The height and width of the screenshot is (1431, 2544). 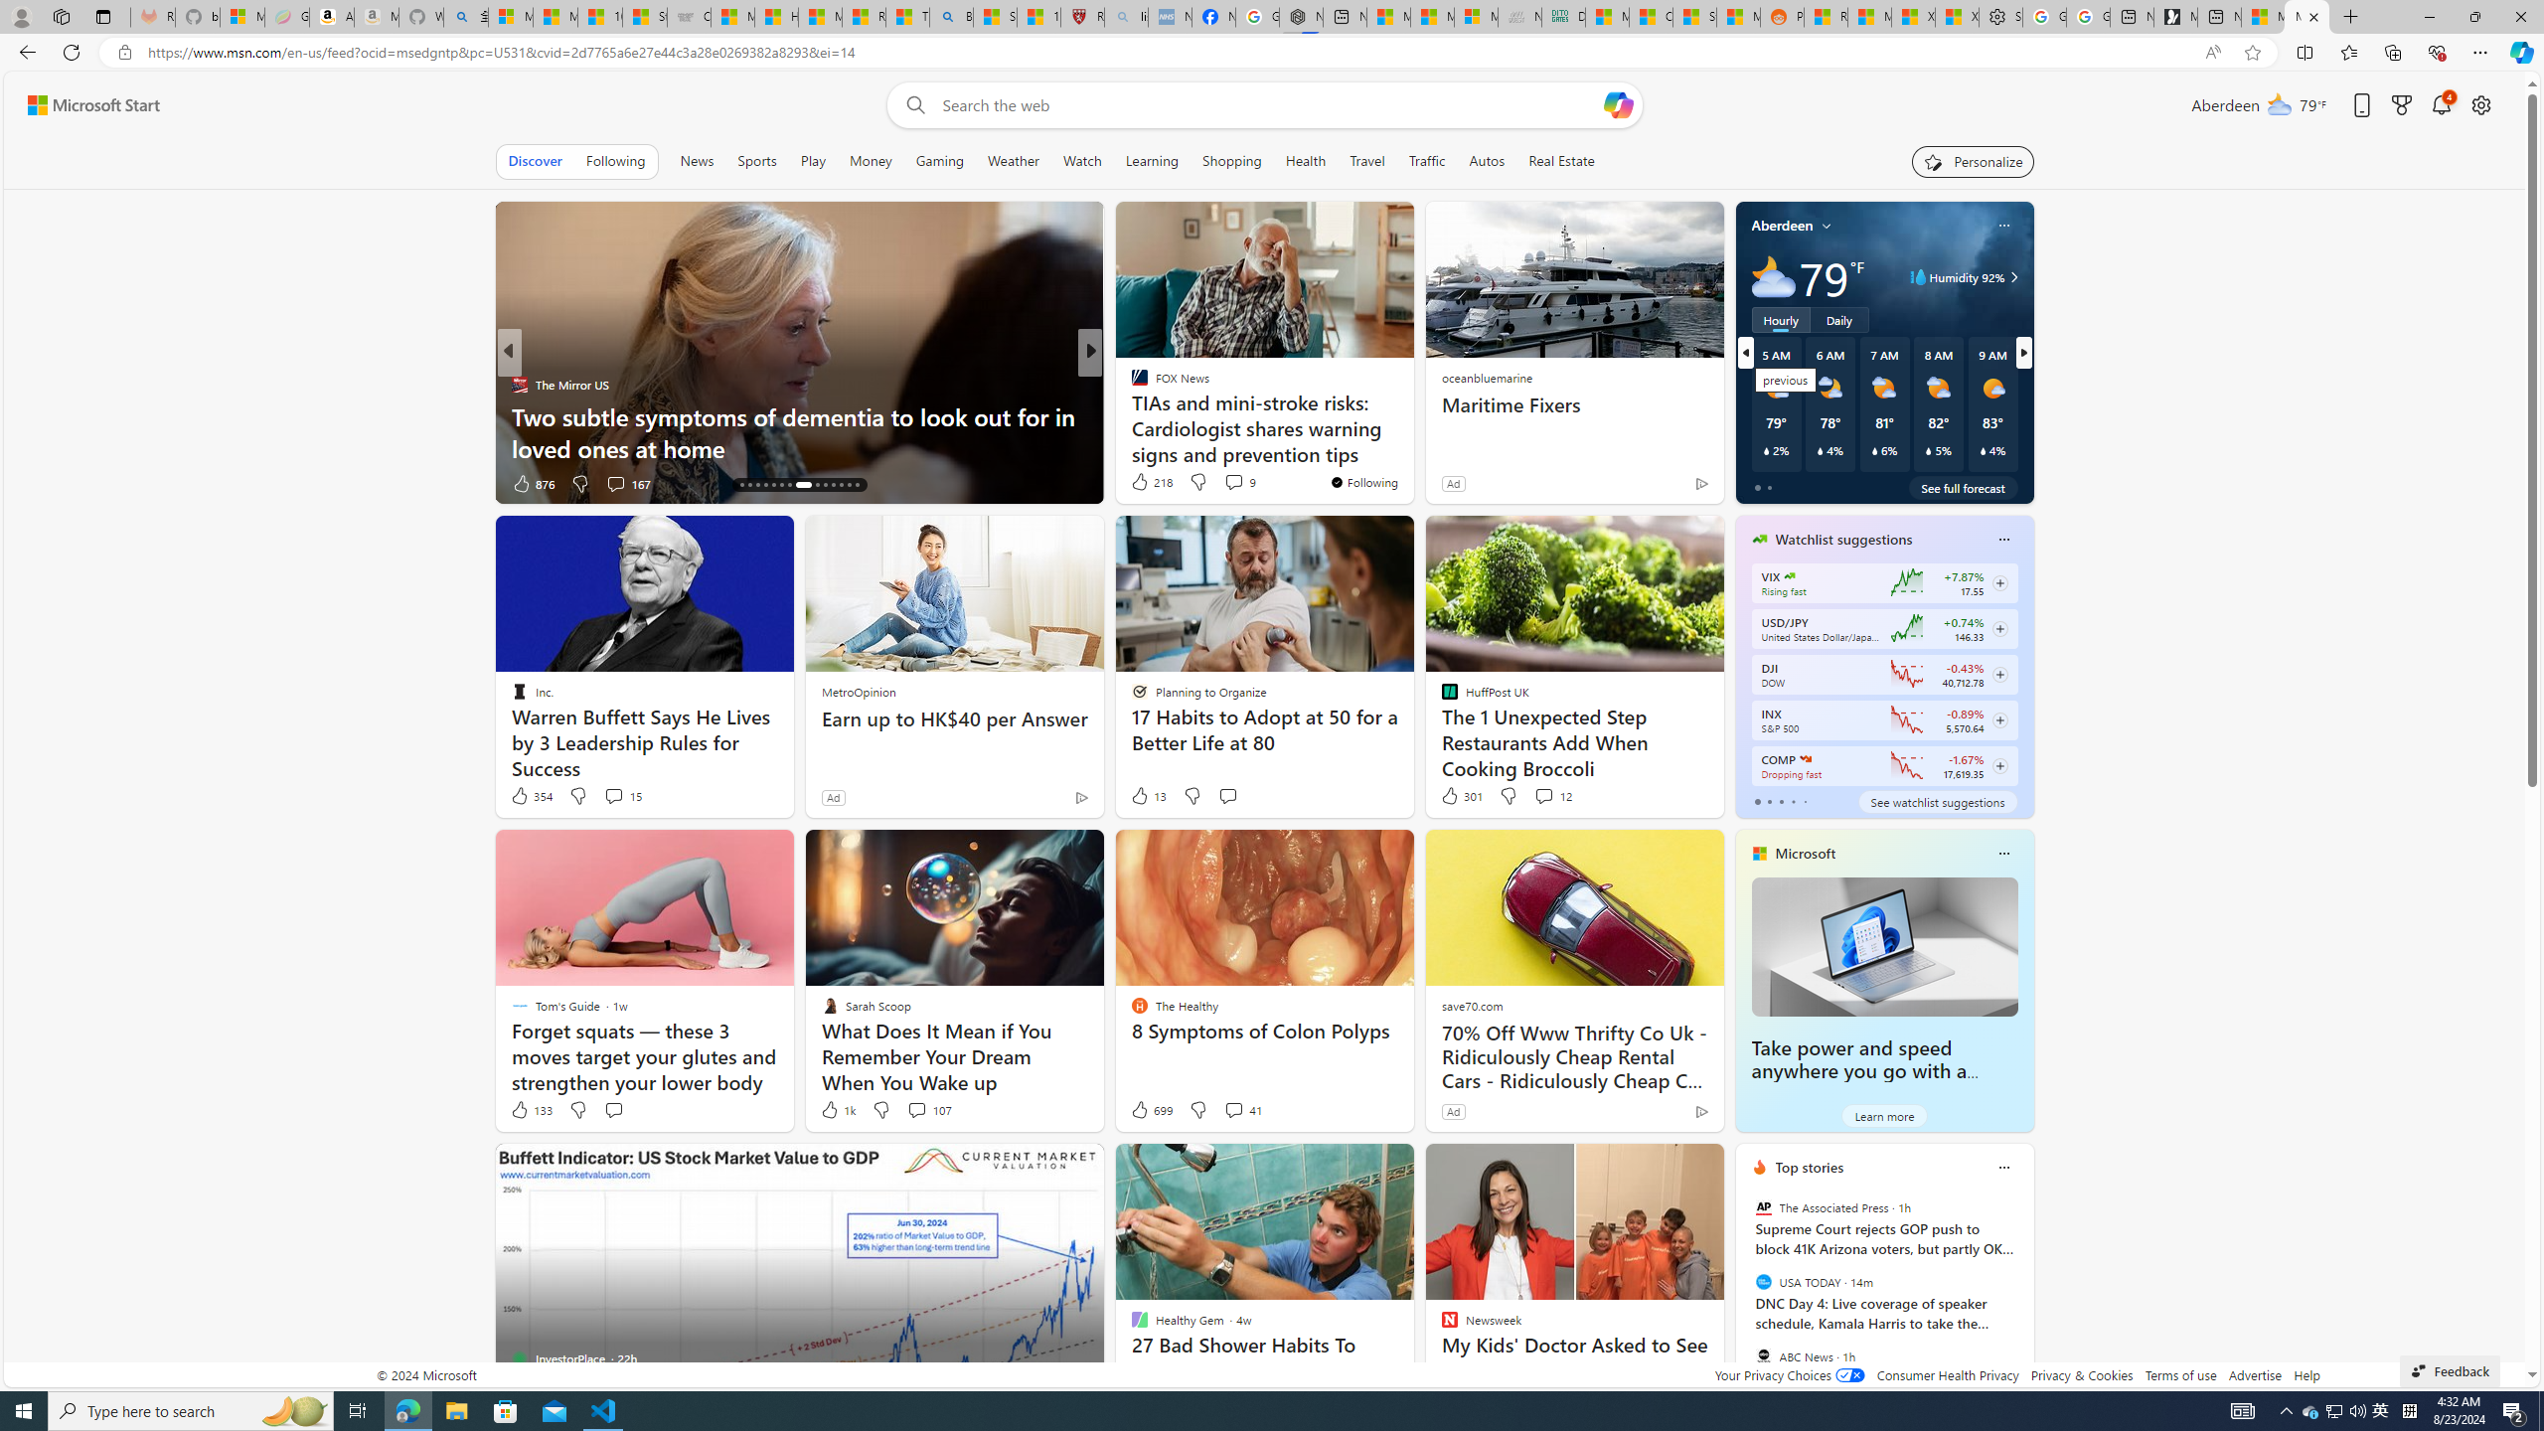 What do you see at coordinates (1138, 483) in the screenshot?
I see `'8 Like'` at bounding box center [1138, 483].